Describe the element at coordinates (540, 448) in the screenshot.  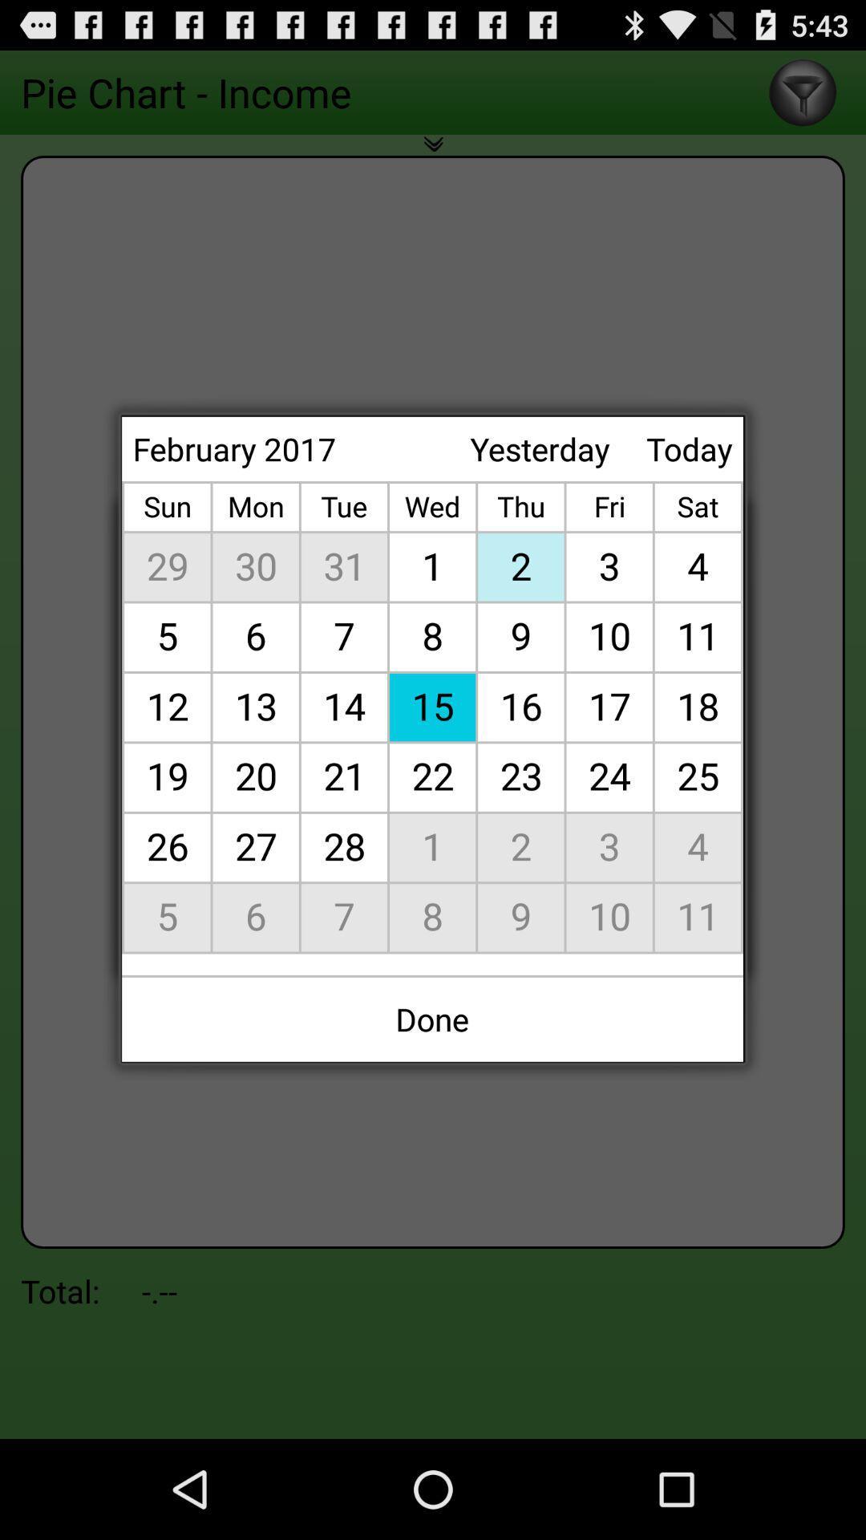
I see `the yesterday item` at that location.